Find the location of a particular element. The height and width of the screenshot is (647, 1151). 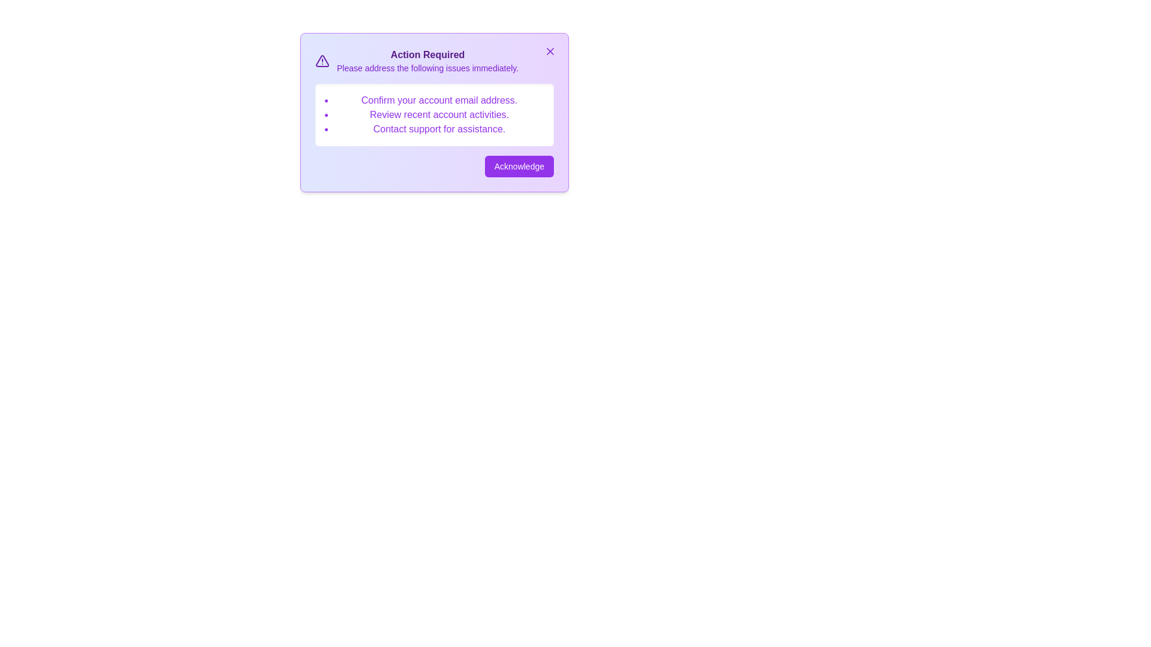

the 'Acknowledge' button to acknowledge the message is located at coordinates (519, 166).